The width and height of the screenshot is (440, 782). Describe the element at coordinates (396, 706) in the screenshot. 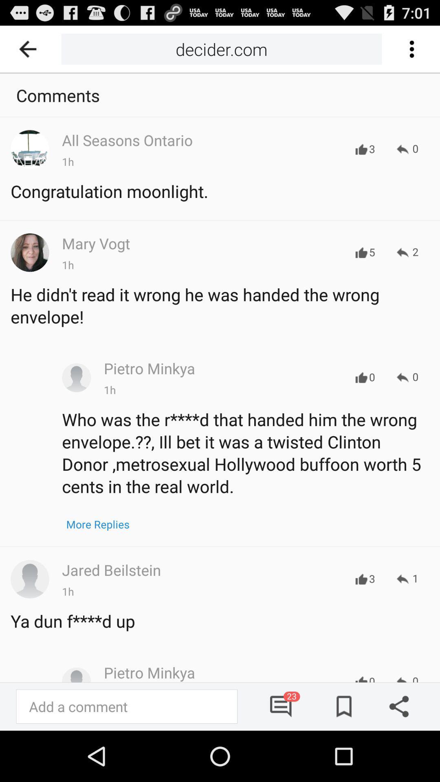

I see `share icon which is at the bottom` at that location.